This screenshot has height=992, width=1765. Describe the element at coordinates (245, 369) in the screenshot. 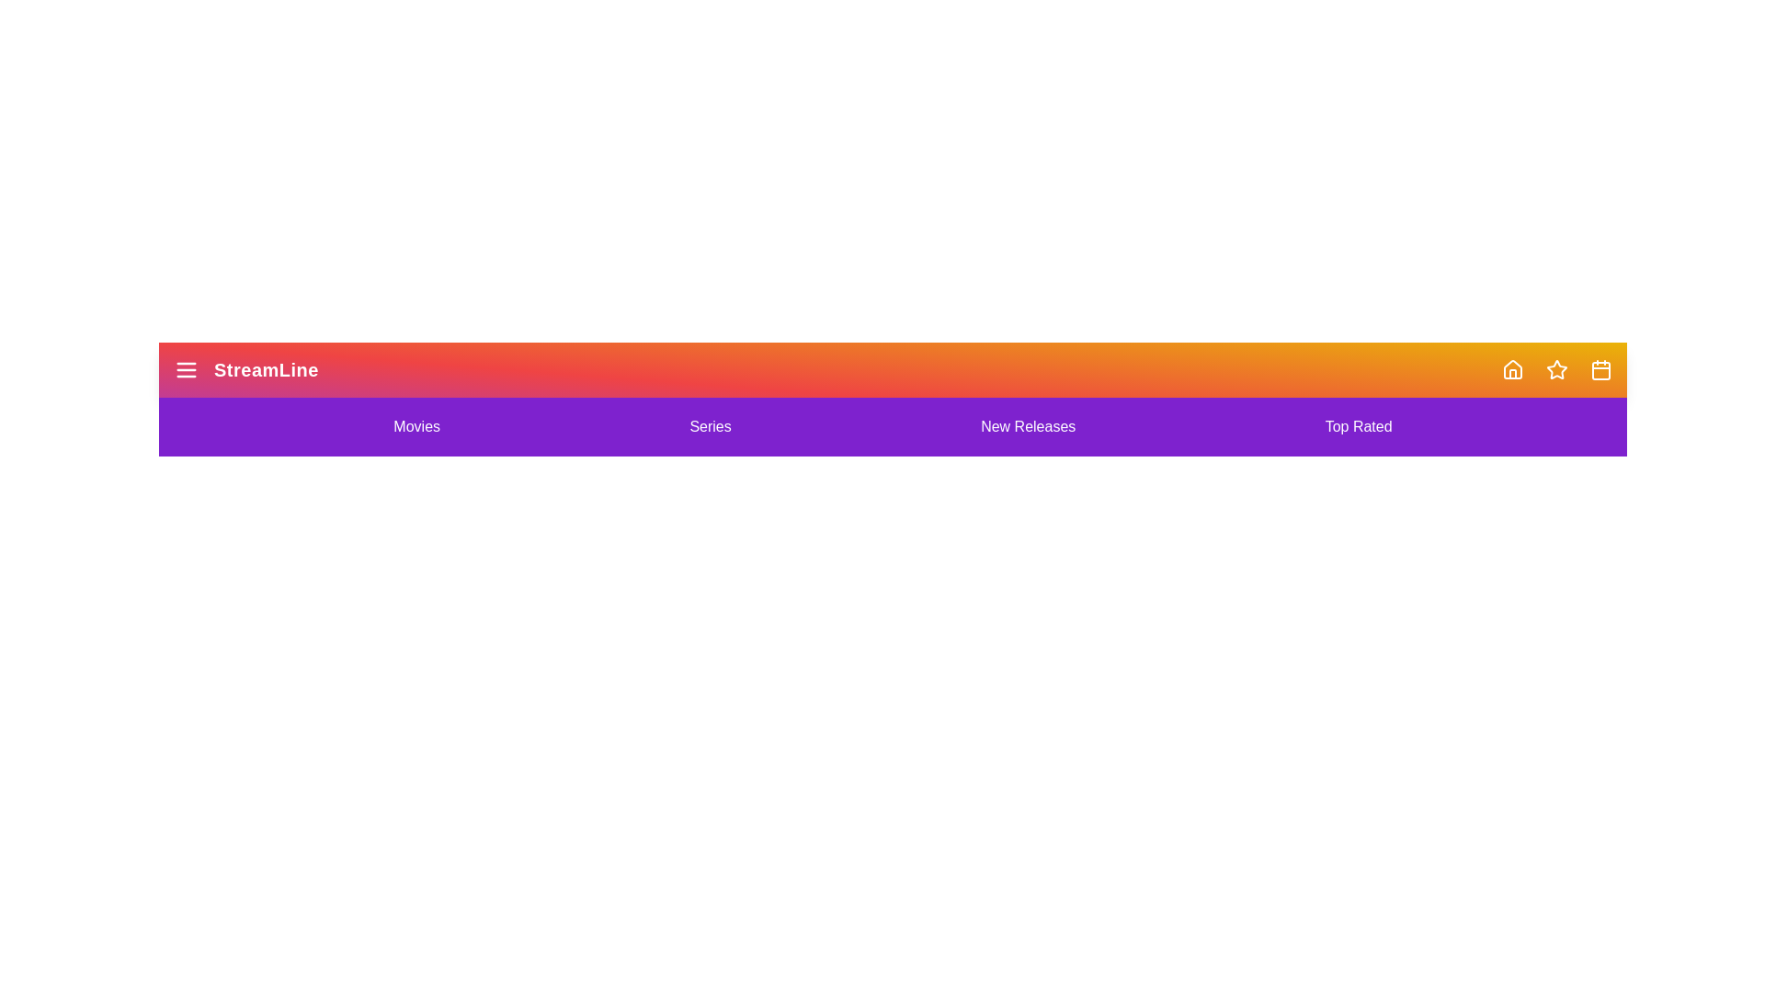

I see `the StreamLine header text` at that location.